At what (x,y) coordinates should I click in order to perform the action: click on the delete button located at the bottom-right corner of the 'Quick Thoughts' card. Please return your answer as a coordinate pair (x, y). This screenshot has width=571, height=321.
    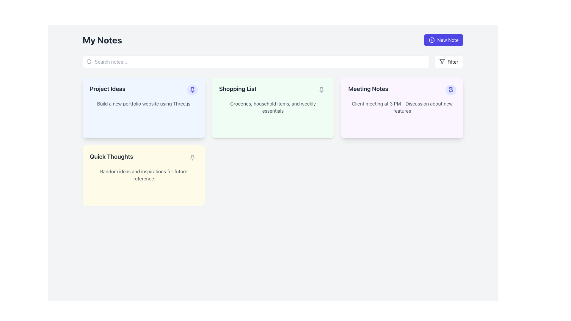
    Looking at the image, I should click on (193, 194).